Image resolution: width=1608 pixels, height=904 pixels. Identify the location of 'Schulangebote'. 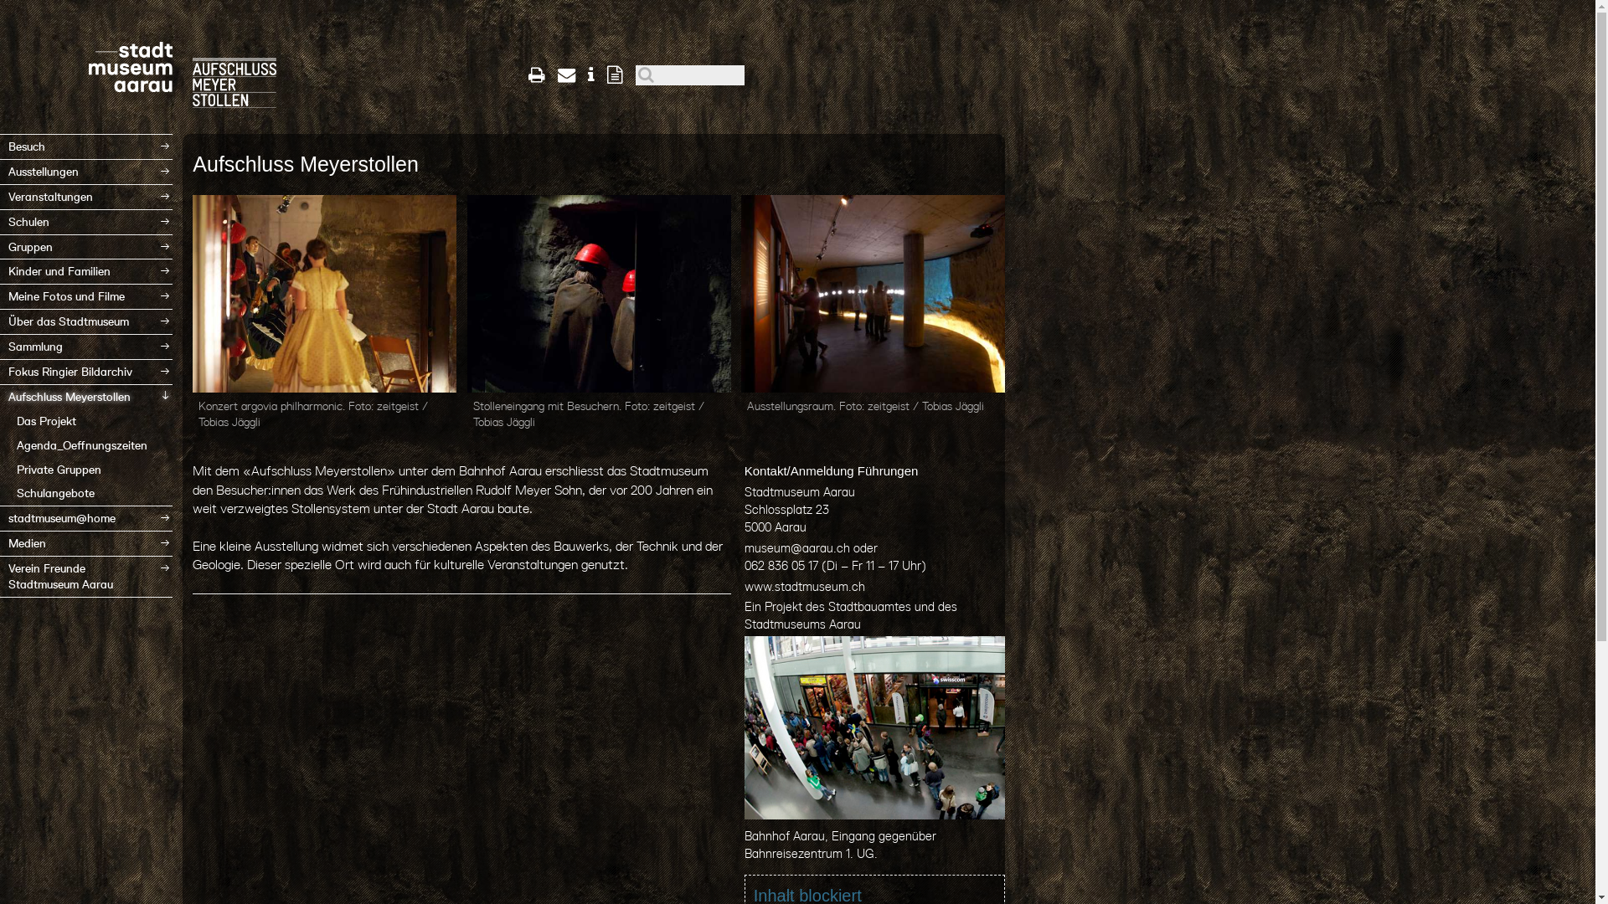
(85, 492).